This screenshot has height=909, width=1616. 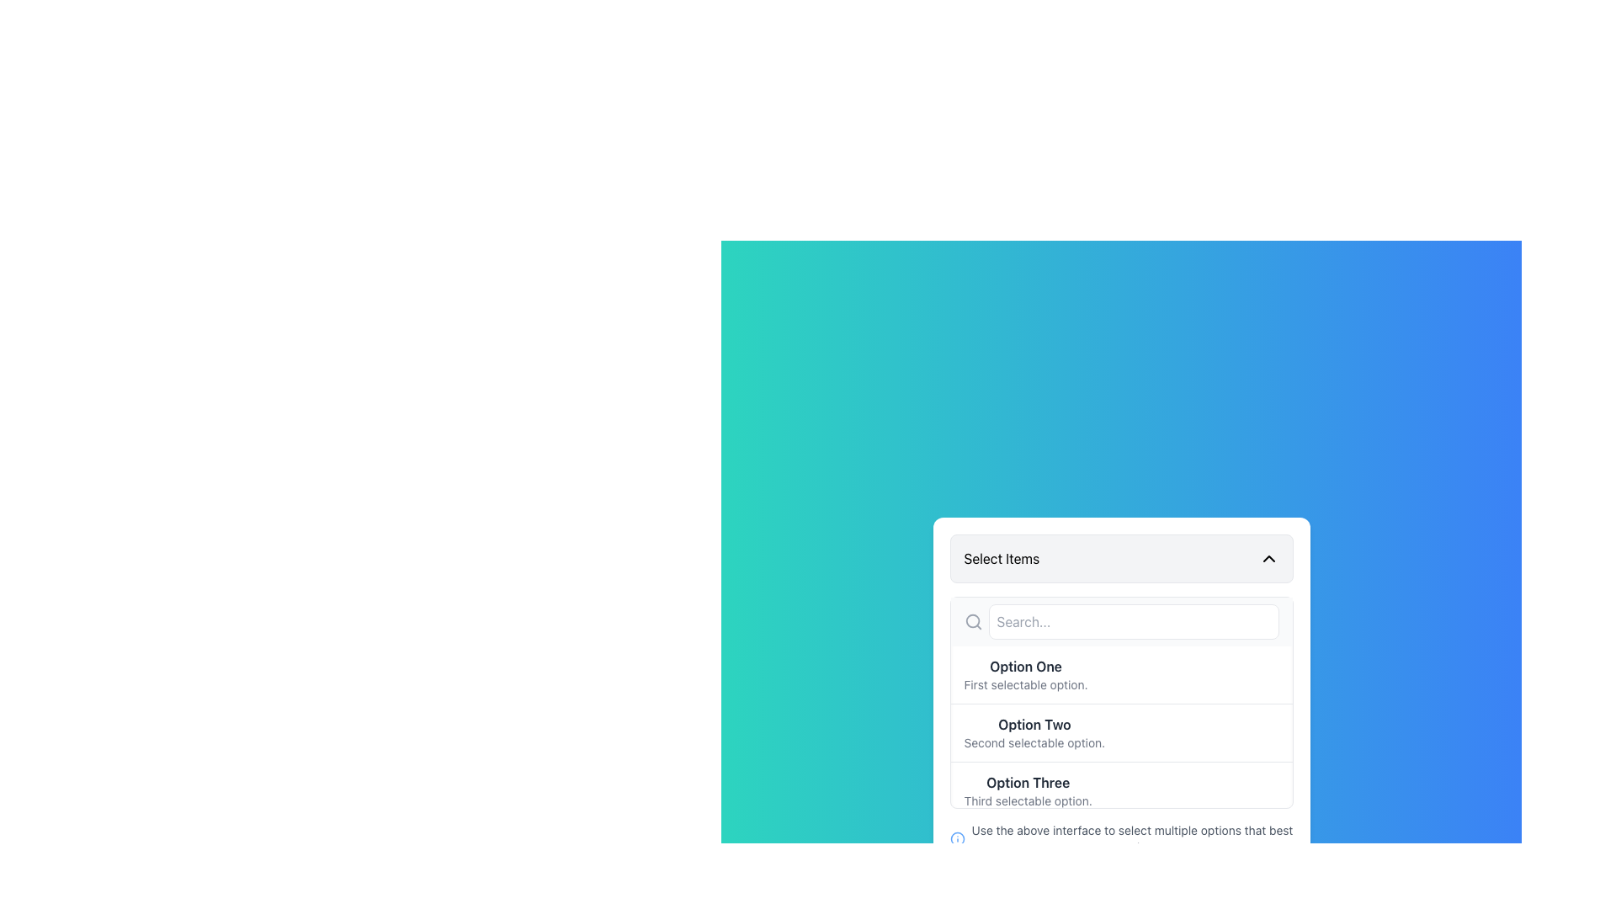 I want to click on the second selectable list item beneath the search bar in the dropdown menu, directly under the 'Select Items' section, so click(x=1121, y=726).